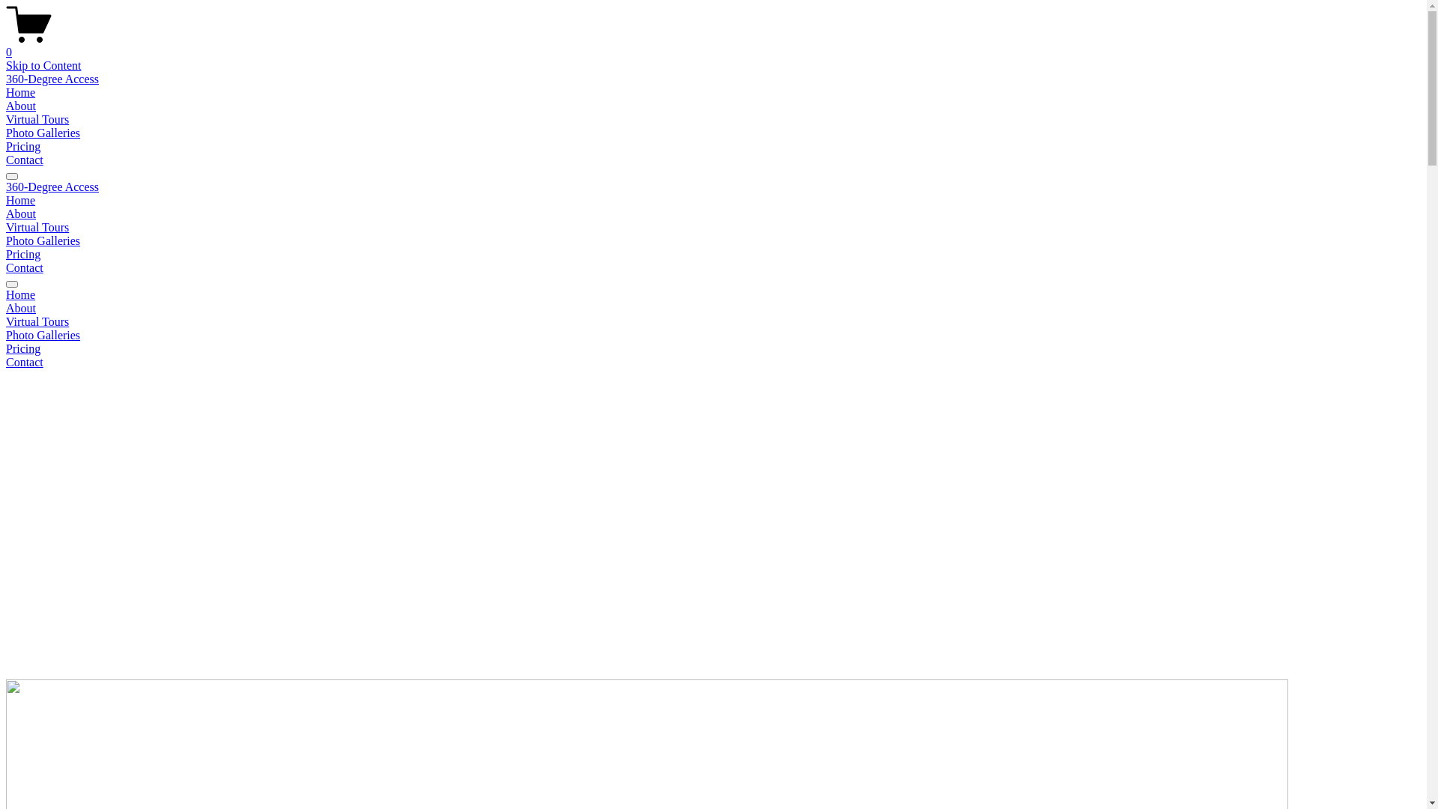 This screenshot has width=1438, height=809. Describe the element at coordinates (6, 118) in the screenshot. I see `'Virtual Tours'` at that location.